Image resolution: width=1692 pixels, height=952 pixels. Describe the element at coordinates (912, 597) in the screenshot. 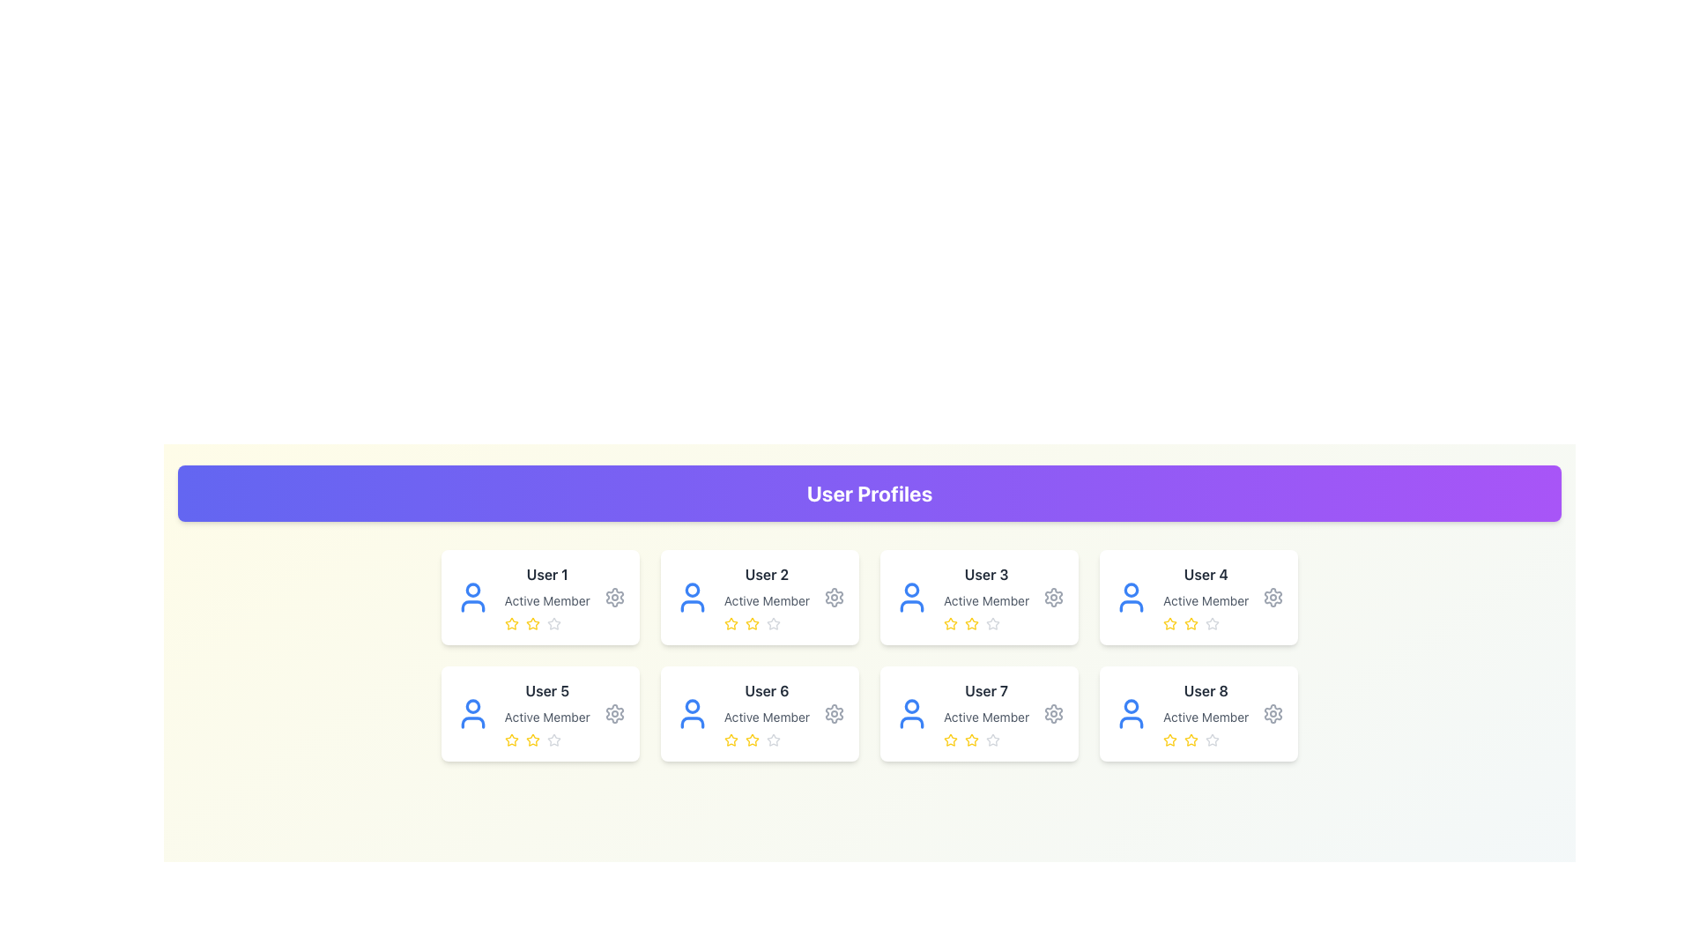

I see `the user identification icon represented as an avatar within the user card labeled 'User 3 Active Member', located third in the first row of the user grid layout` at that location.